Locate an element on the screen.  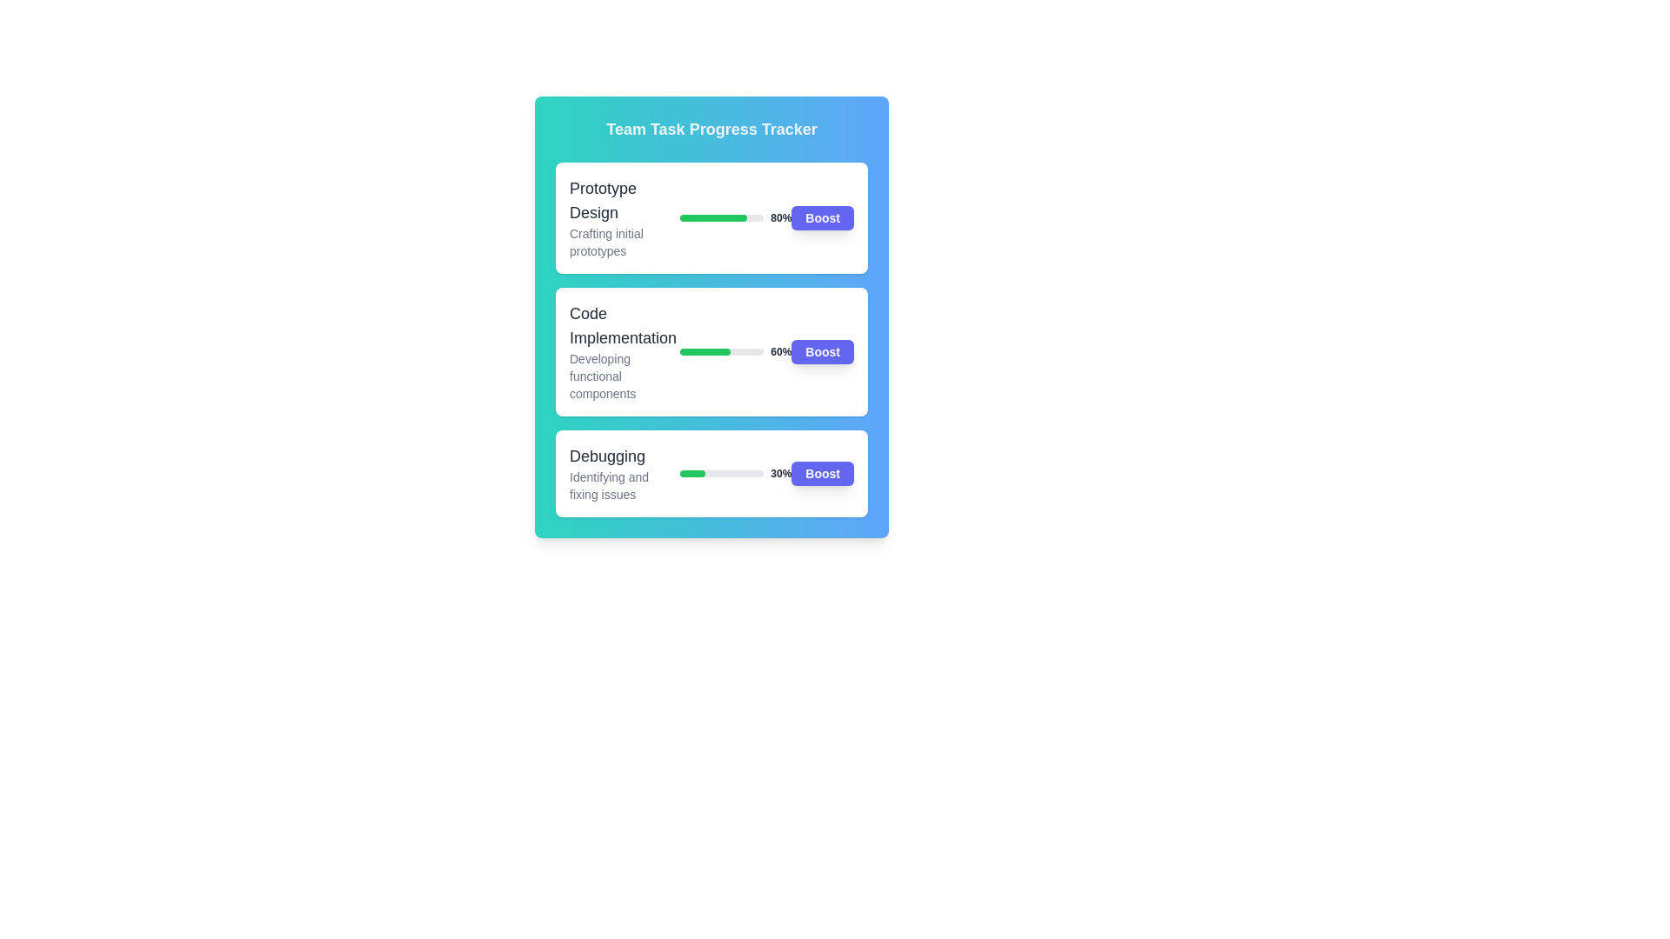
the text label reading 'Crafting initial prototypes.' located below the bold header 'Prototype Design.' is located at coordinates (625, 242).